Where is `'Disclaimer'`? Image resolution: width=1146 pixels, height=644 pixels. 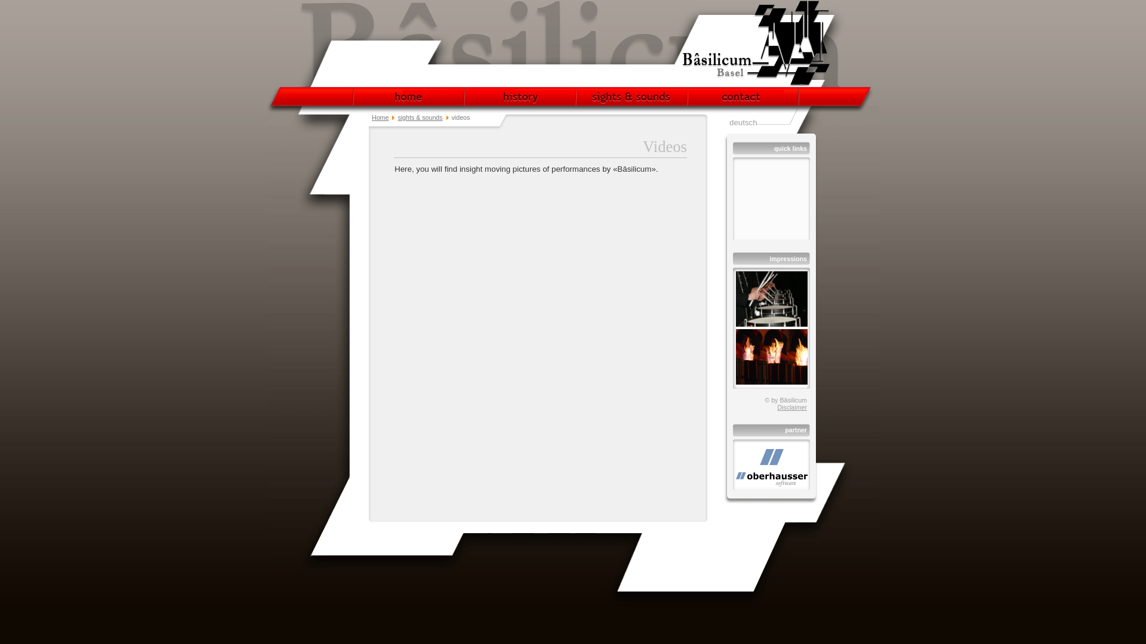
'Disclaimer' is located at coordinates (791, 406).